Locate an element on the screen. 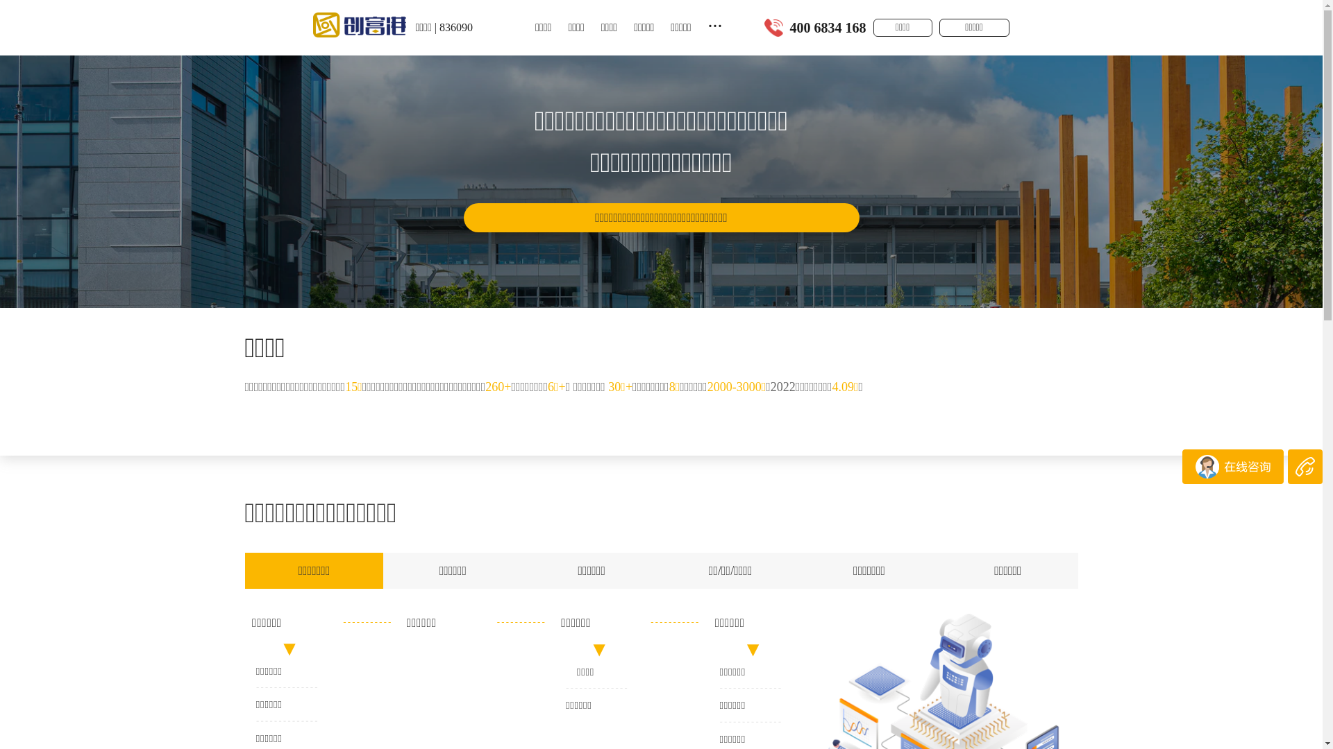 The height and width of the screenshot is (749, 1333). '400 6834 168' is located at coordinates (828, 27).